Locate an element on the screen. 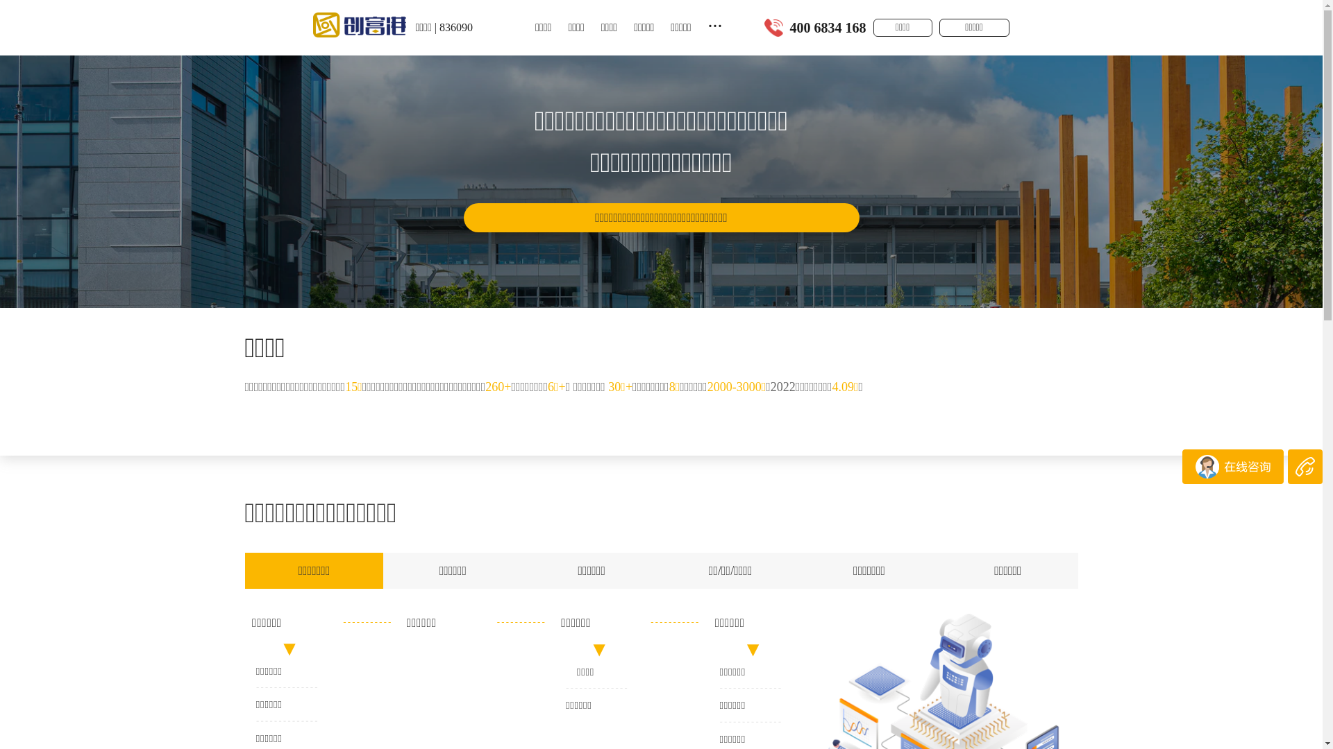 The height and width of the screenshot is (749, 1333). '400 6834 168' is located at coordinates (828, 27).